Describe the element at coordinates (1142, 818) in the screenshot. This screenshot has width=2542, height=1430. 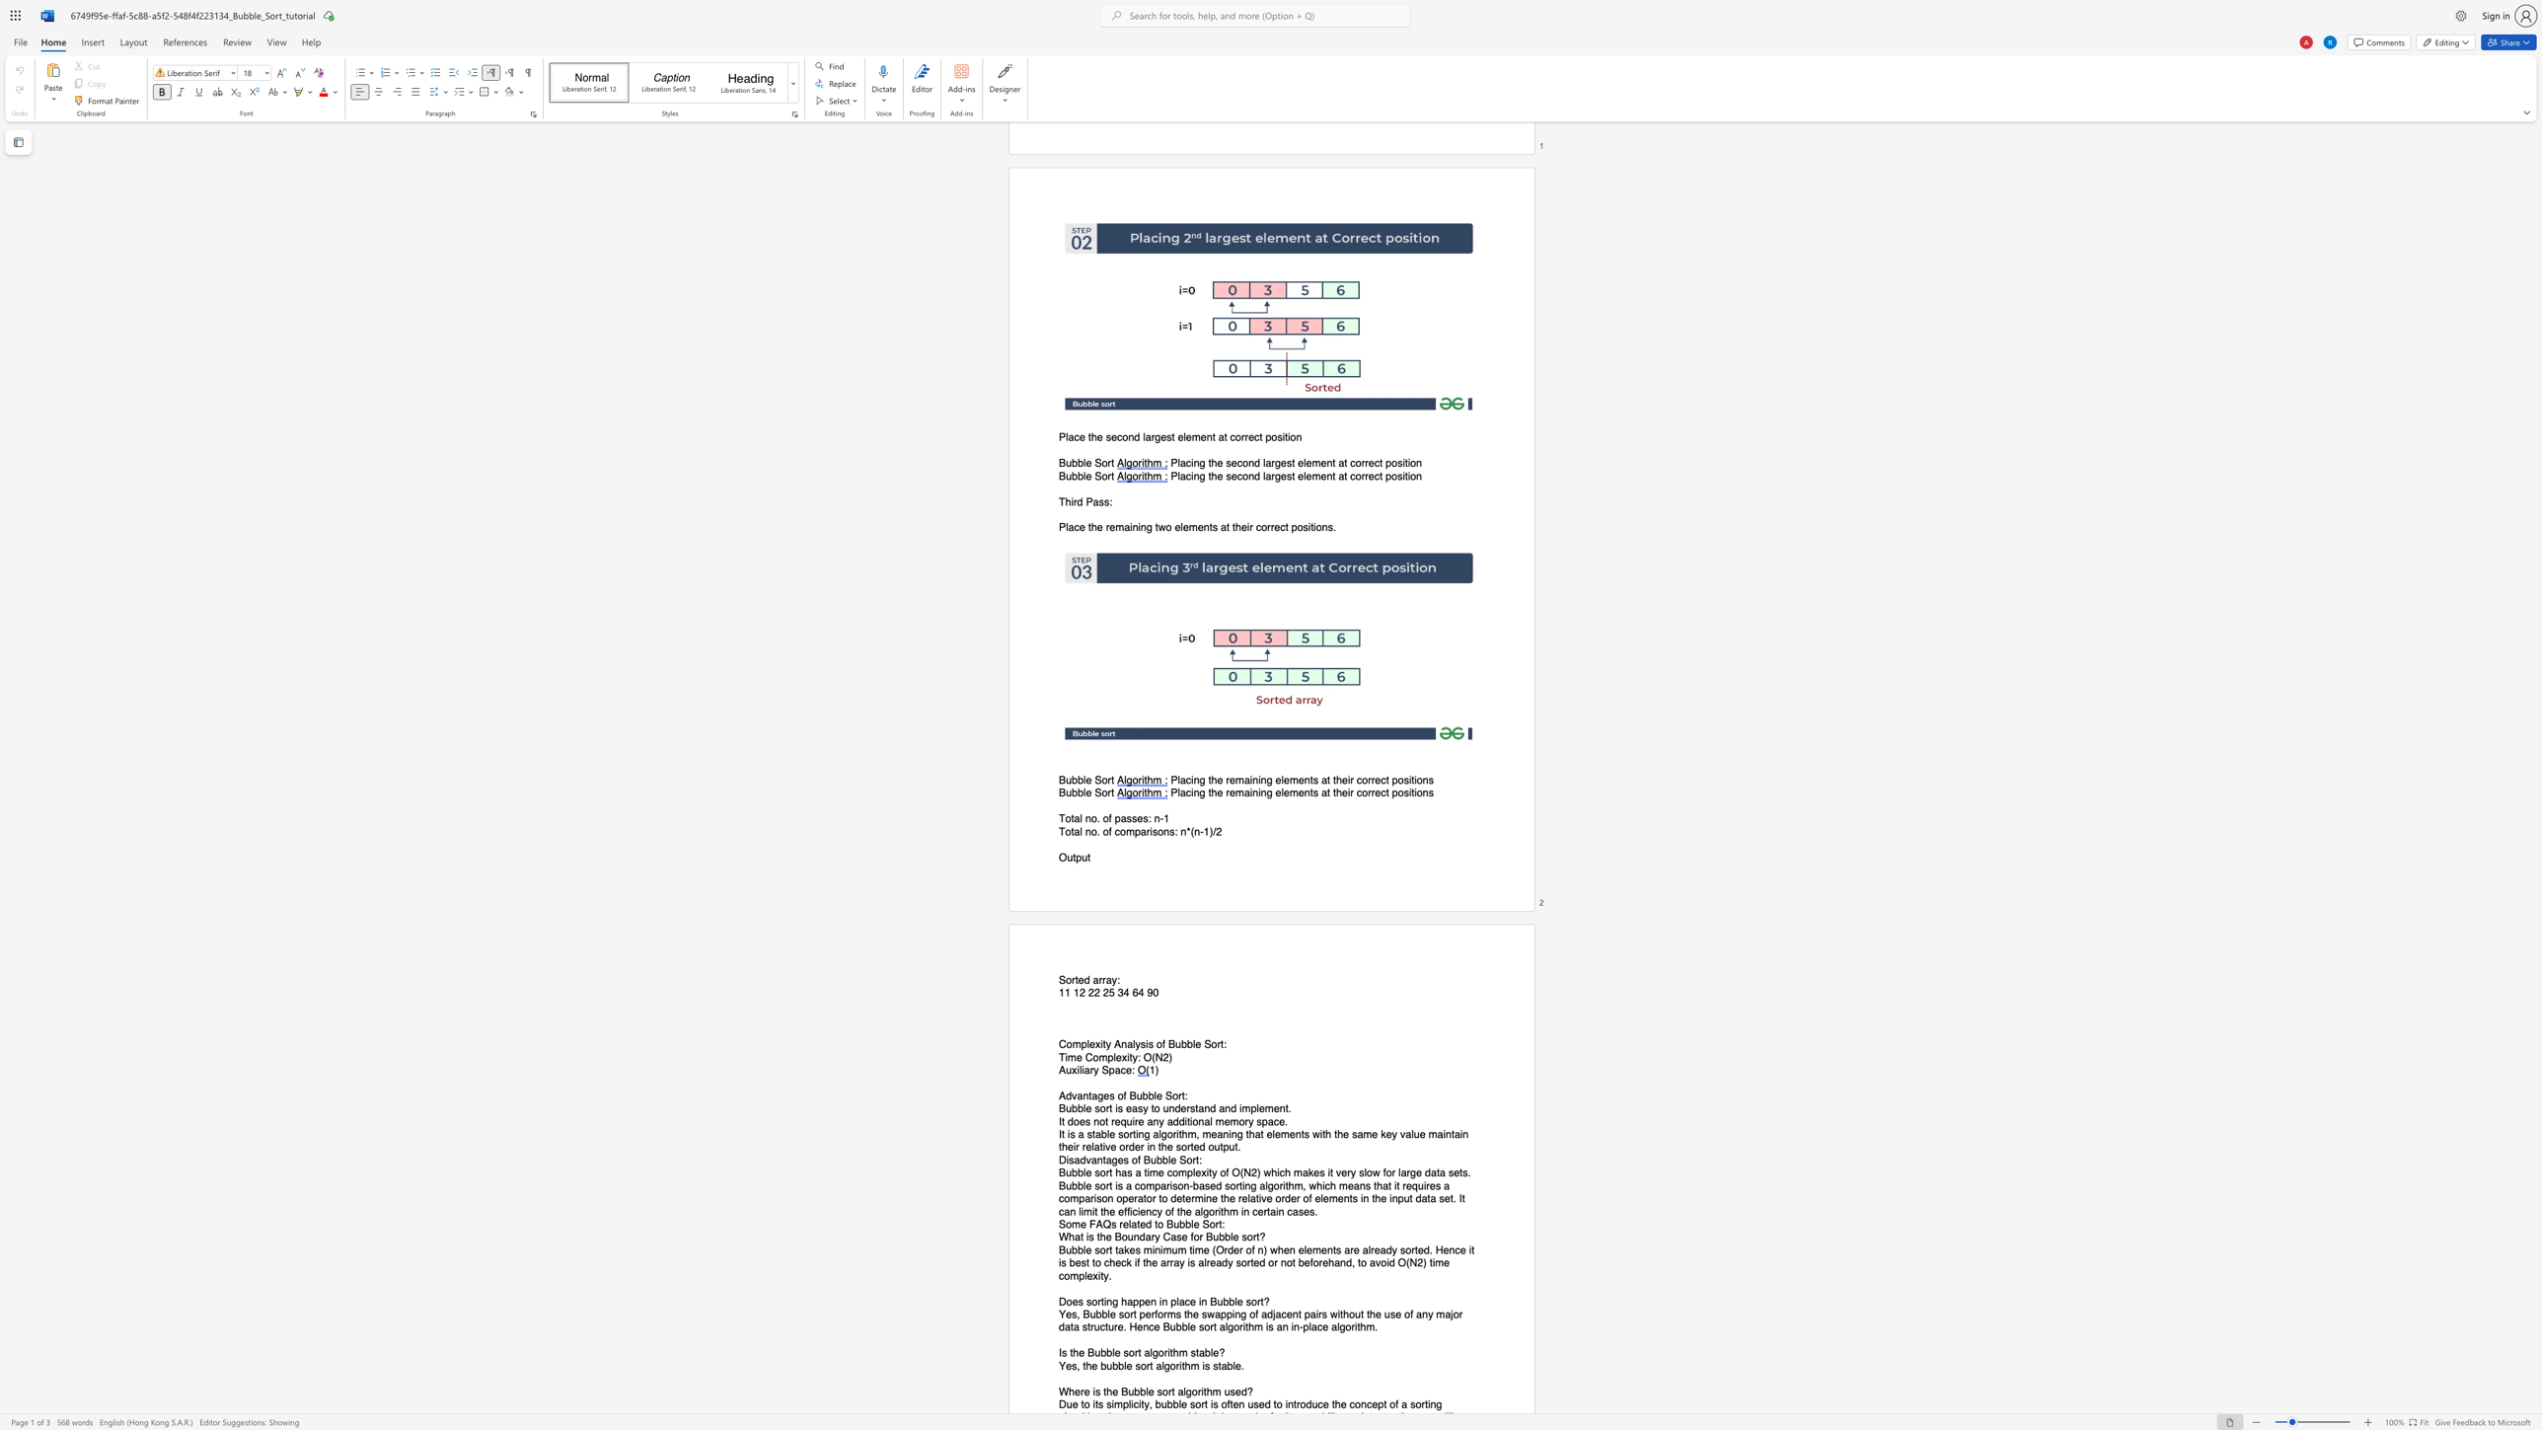
I see `the subset text "s:" within the text "Total no. of passes: n-1"` at that location.